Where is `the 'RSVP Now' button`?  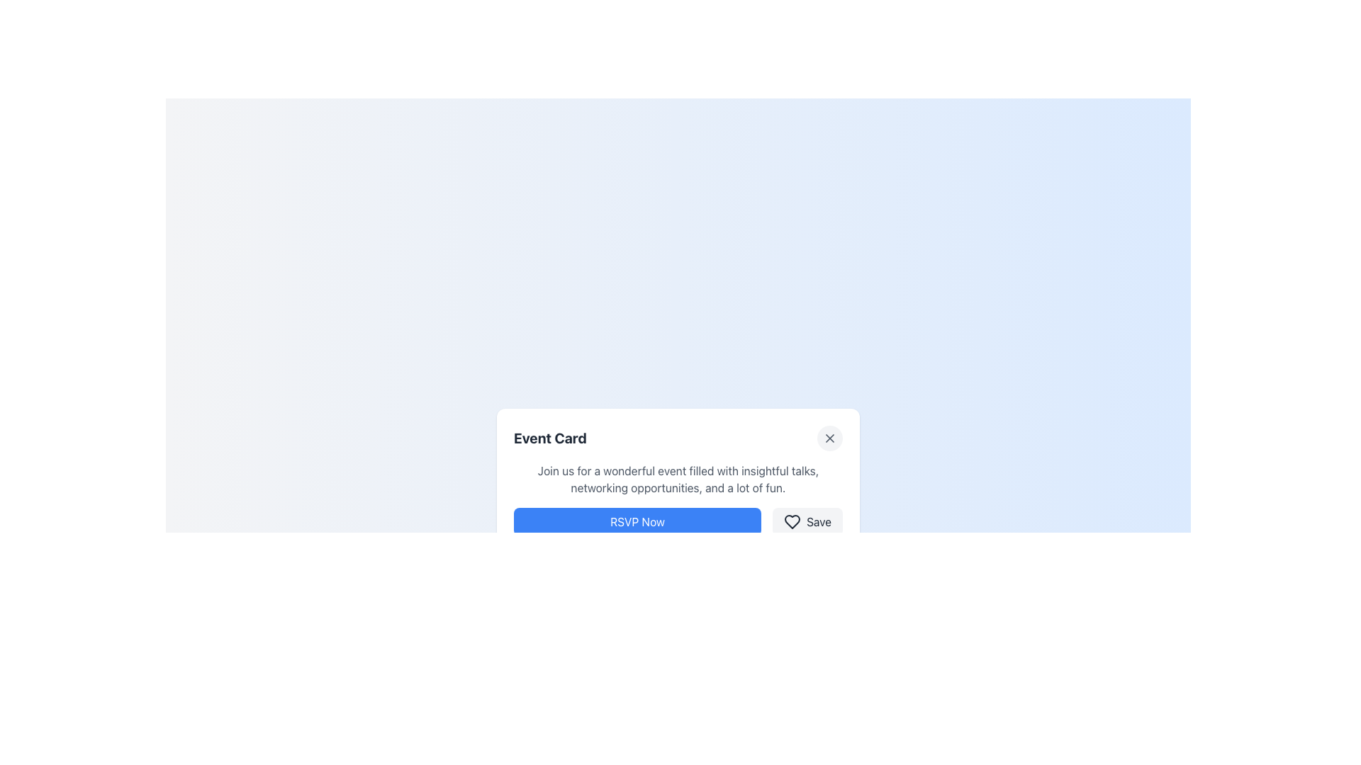
the 'RSVP Now' button is located at coordinates (637, 521).